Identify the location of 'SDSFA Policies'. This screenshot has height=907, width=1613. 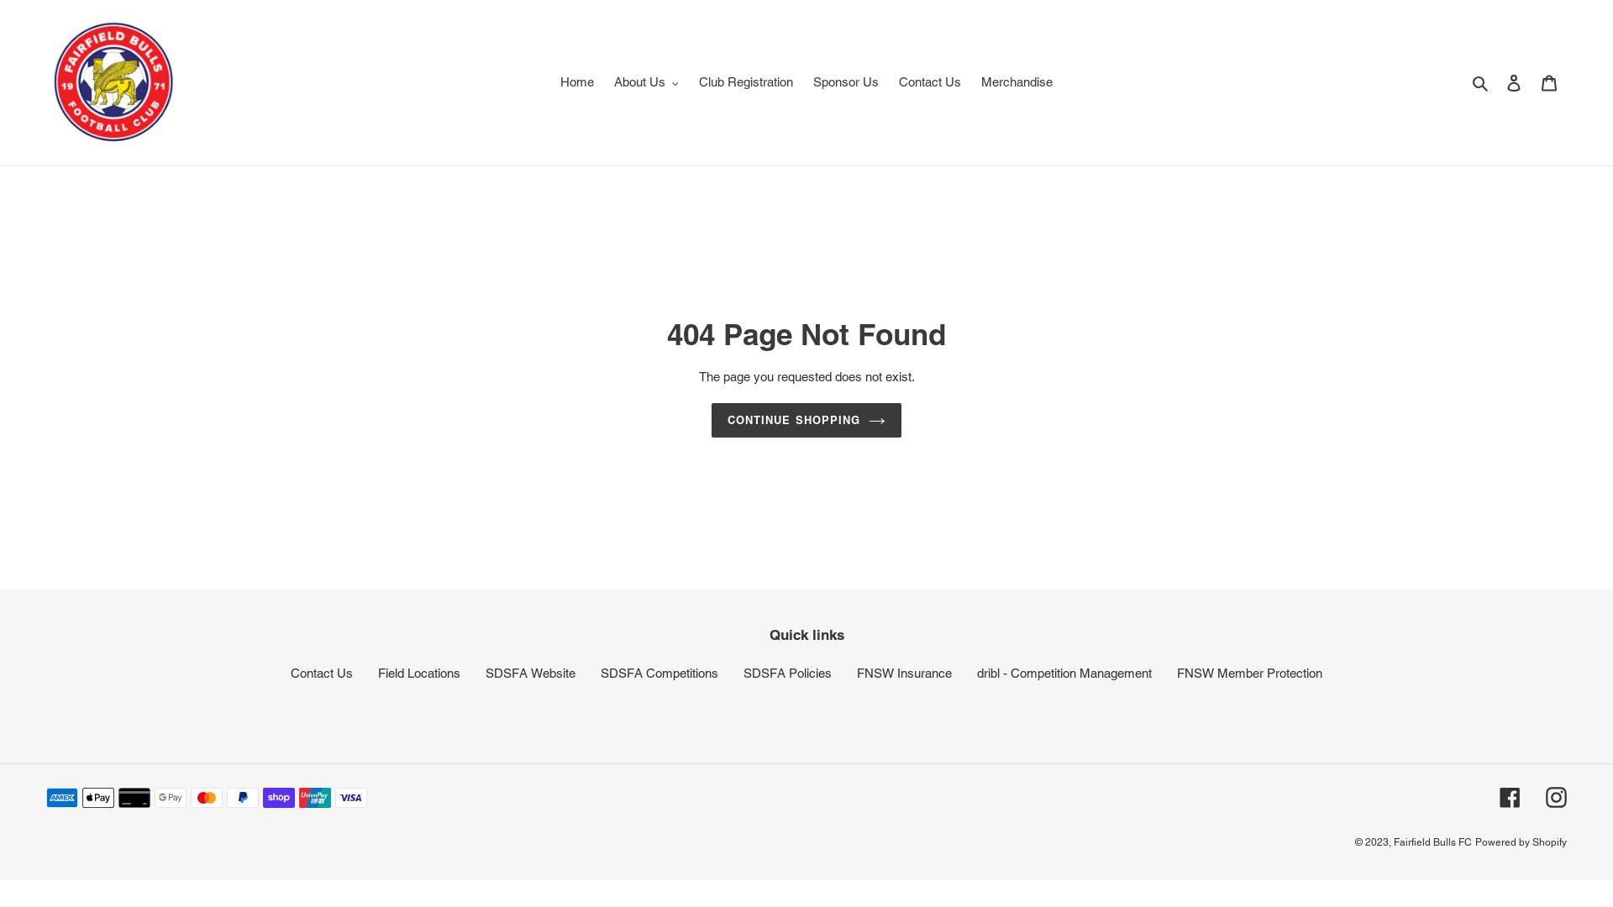
(786, 672).